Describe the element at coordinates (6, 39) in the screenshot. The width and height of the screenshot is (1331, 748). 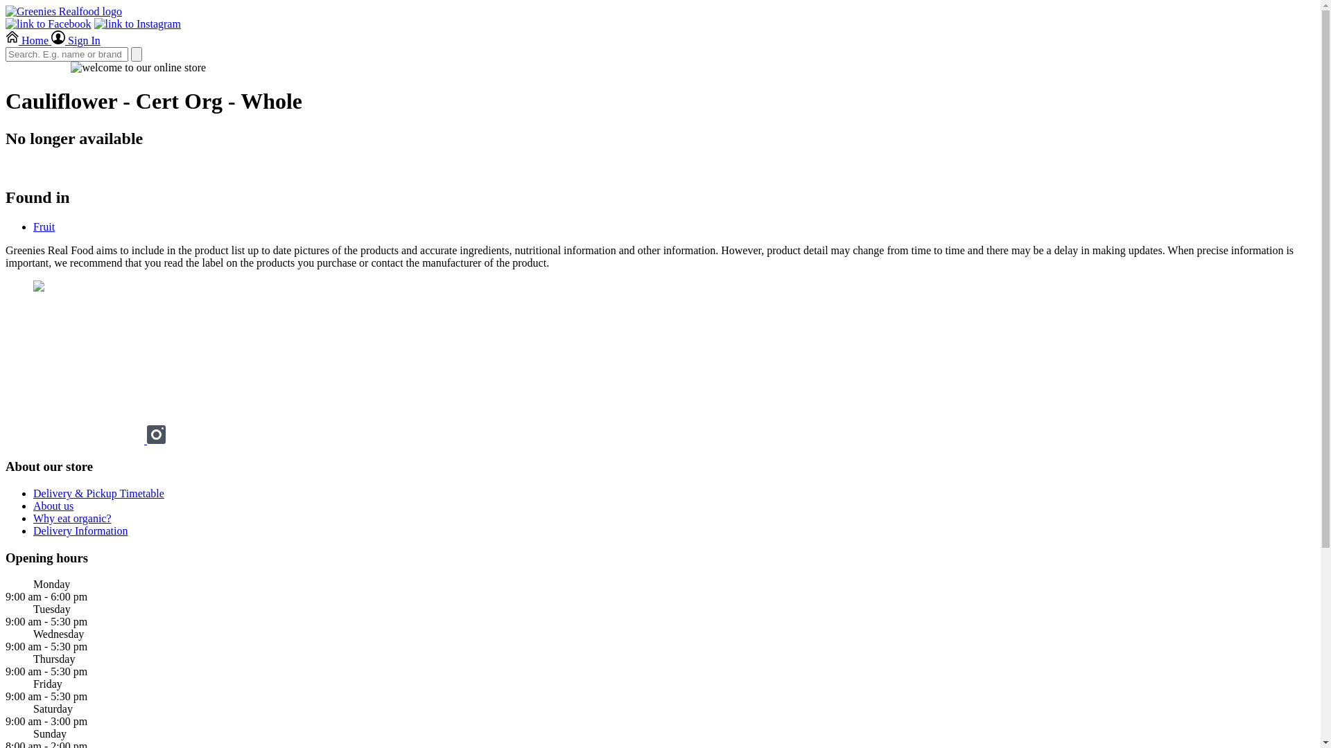
I see `'Home'` at that location.